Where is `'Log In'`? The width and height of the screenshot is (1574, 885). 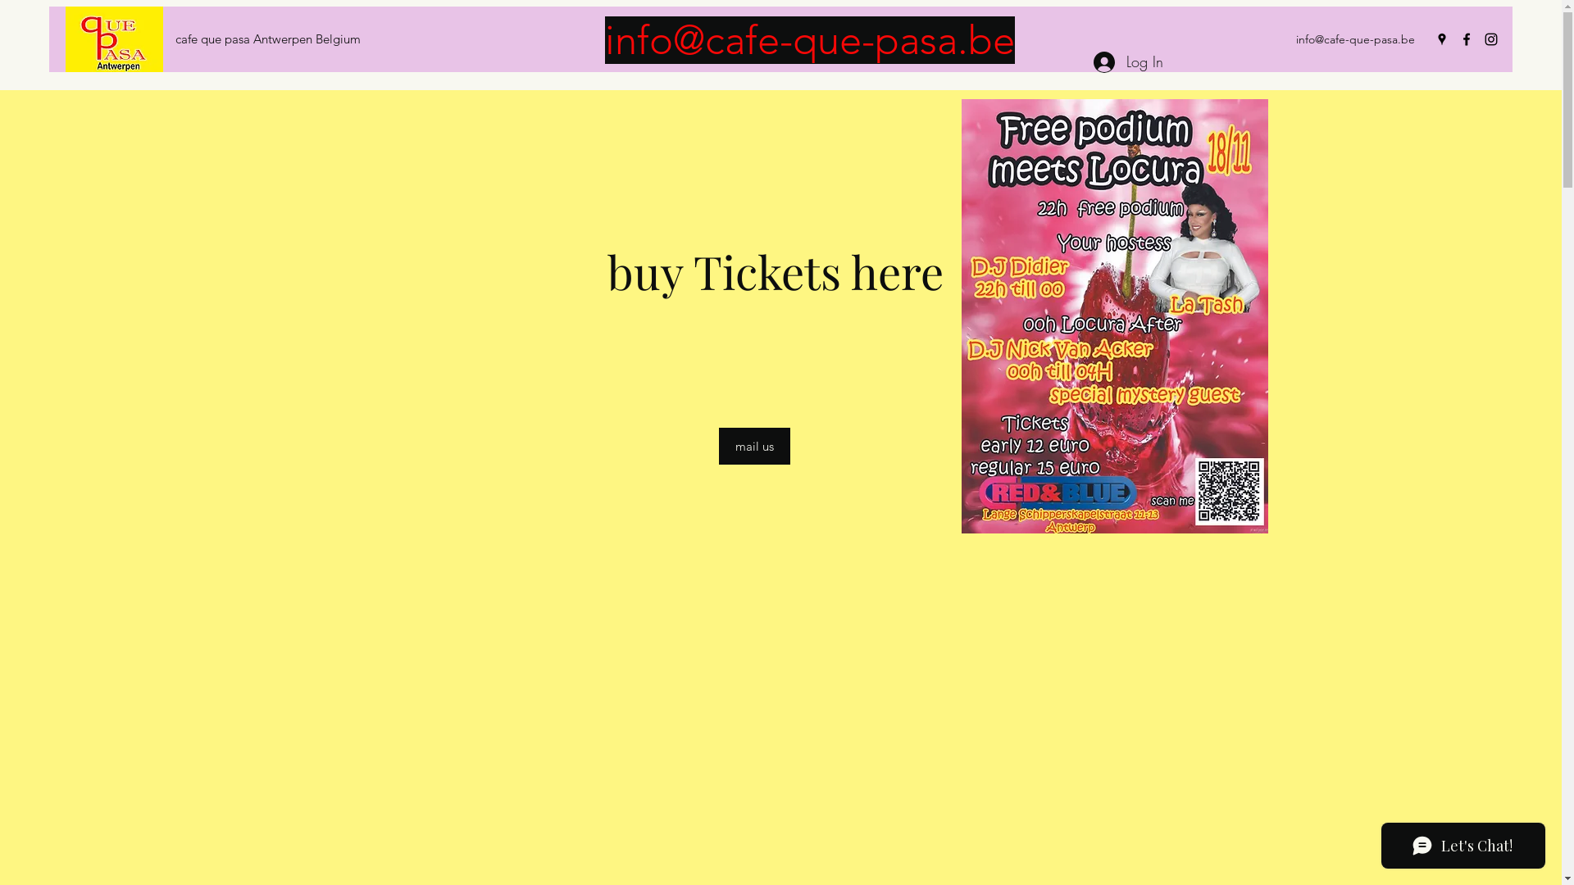 'Log In' is located at coordinates (1127, 61).